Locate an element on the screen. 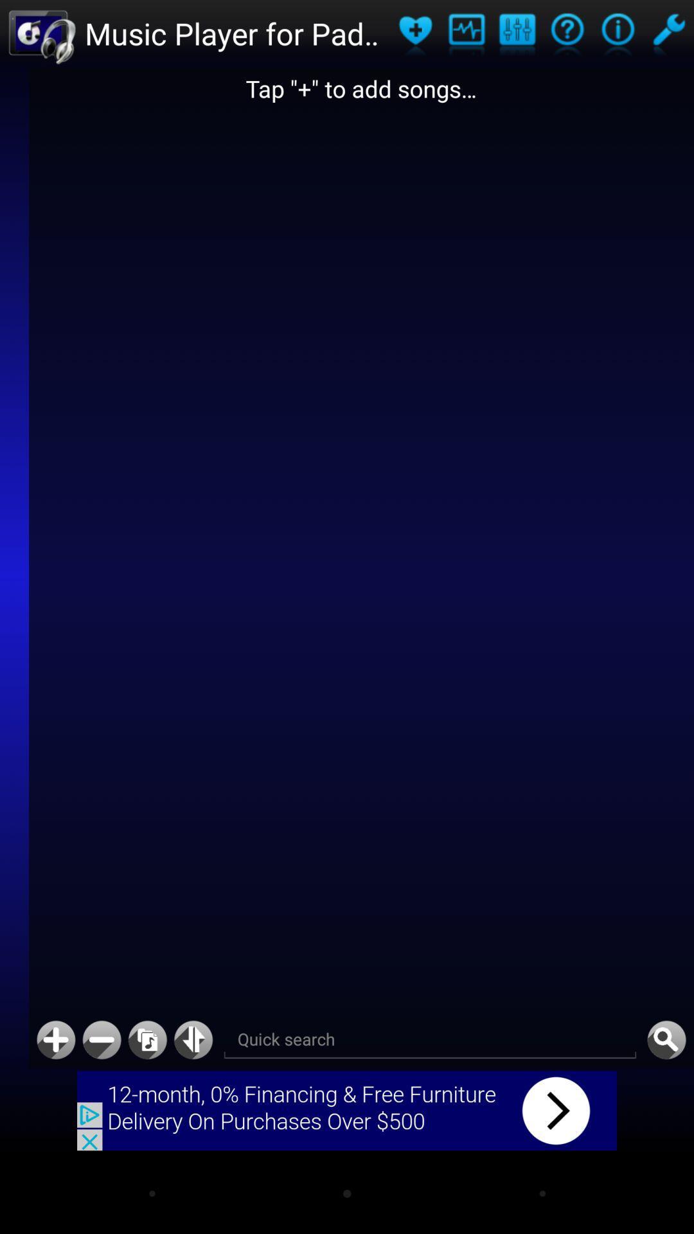 The image size is (694, 1234). advertisement banner is located at coordinates (347, 1110).